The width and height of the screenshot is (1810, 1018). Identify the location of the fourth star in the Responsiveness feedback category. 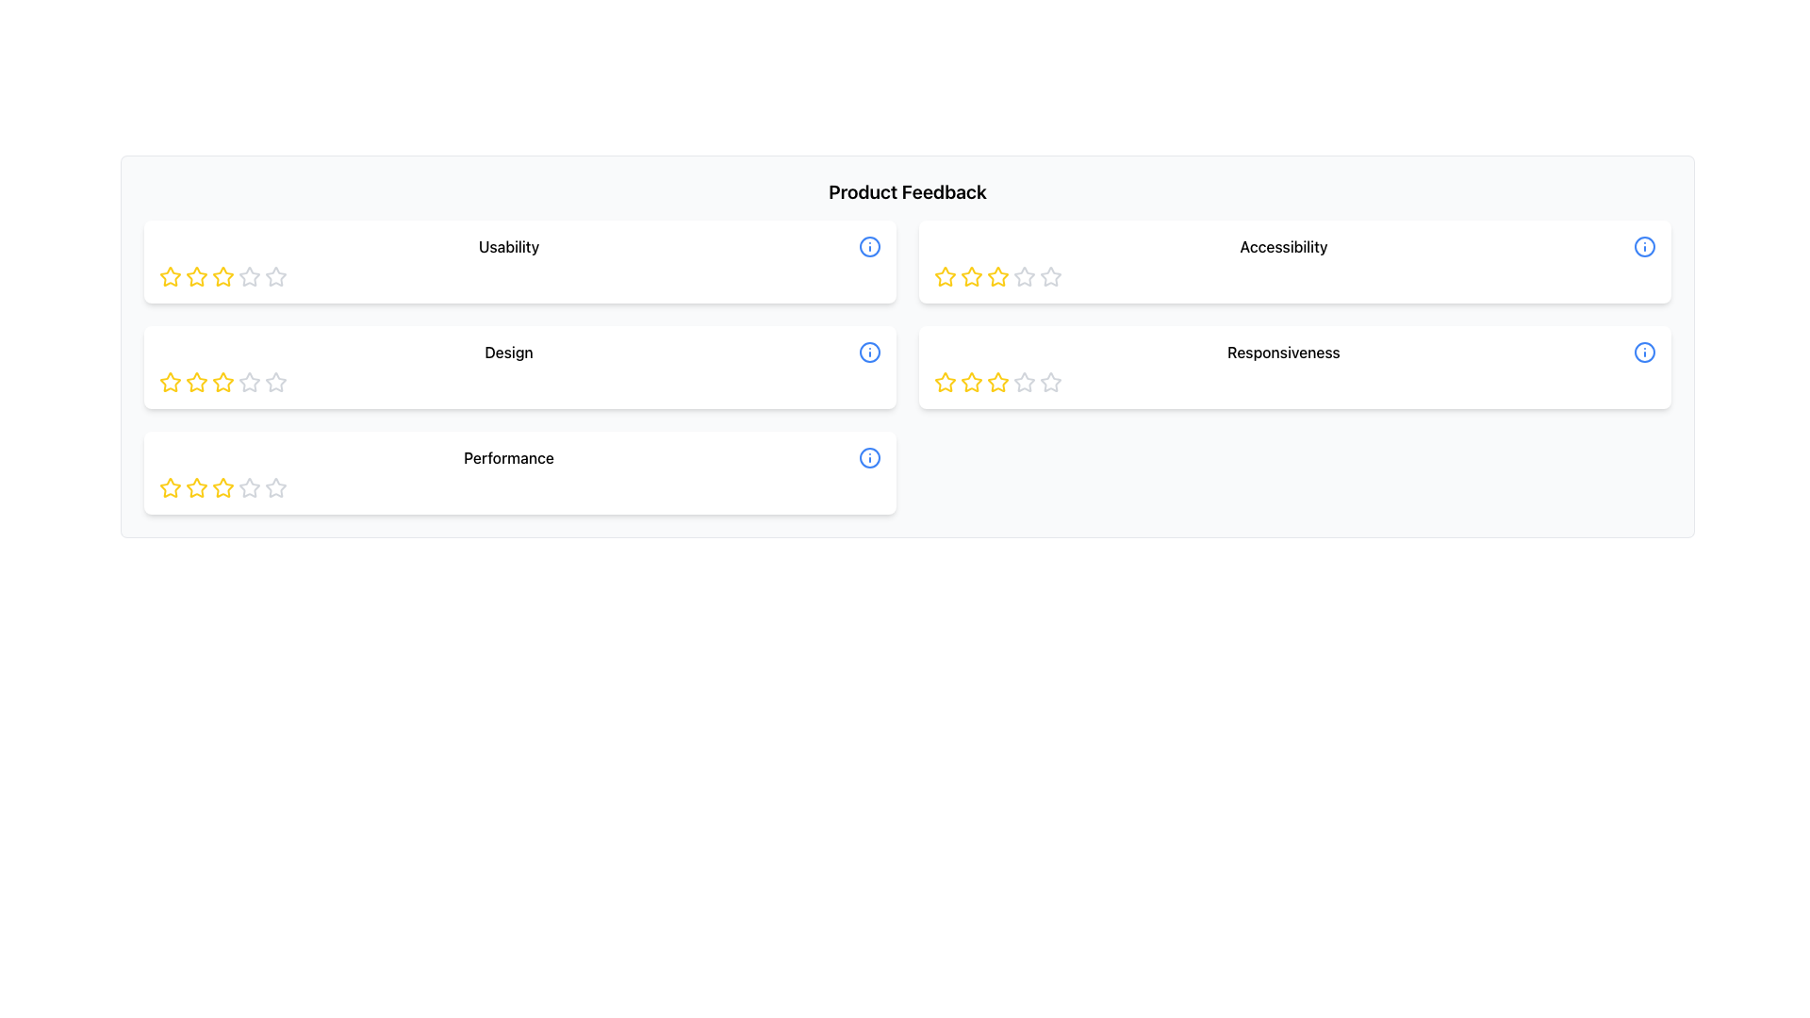
(997, 382).